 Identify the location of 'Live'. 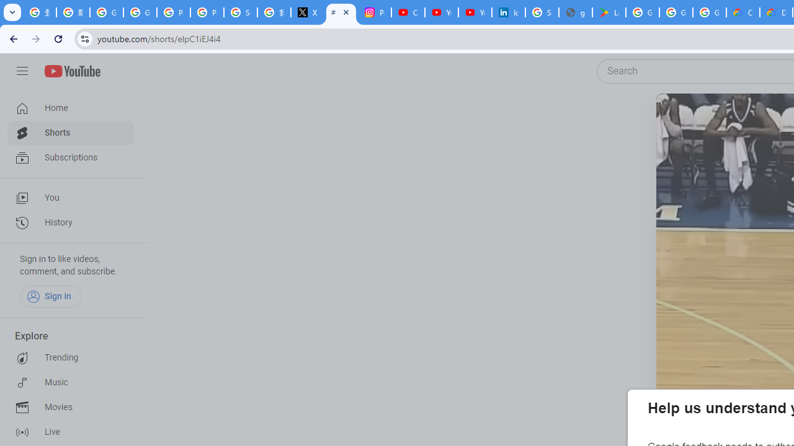
(69, 432).